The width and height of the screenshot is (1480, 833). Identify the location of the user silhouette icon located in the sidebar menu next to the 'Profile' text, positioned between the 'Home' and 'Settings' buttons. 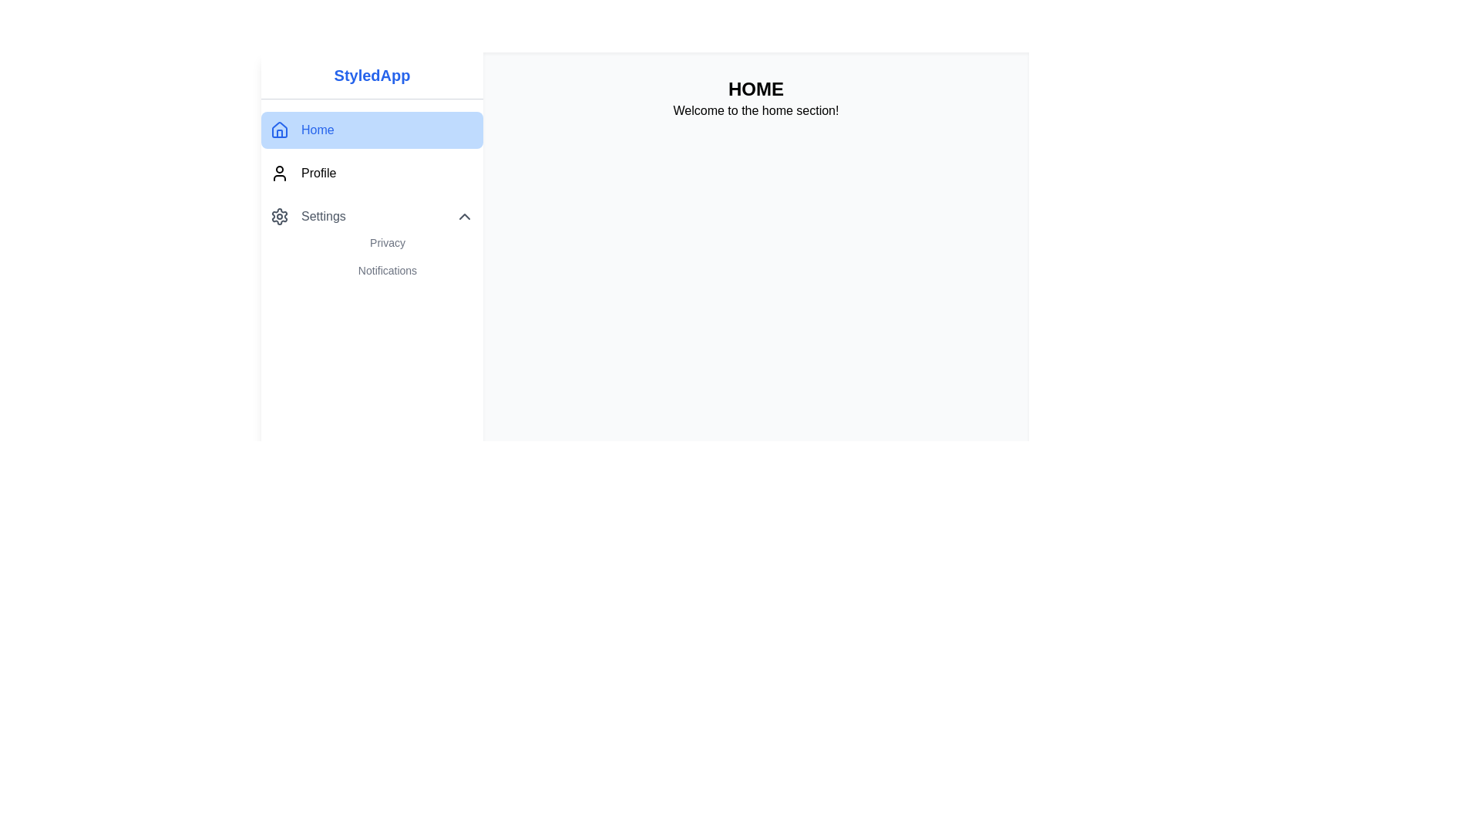
(280, 173).